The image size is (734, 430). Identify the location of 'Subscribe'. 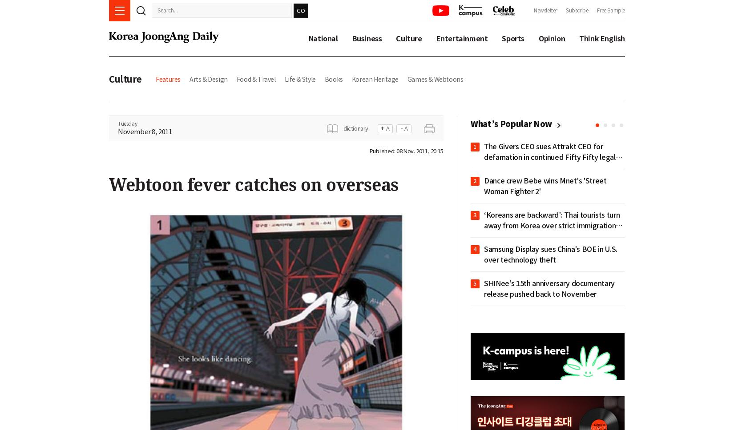
(576, 10).